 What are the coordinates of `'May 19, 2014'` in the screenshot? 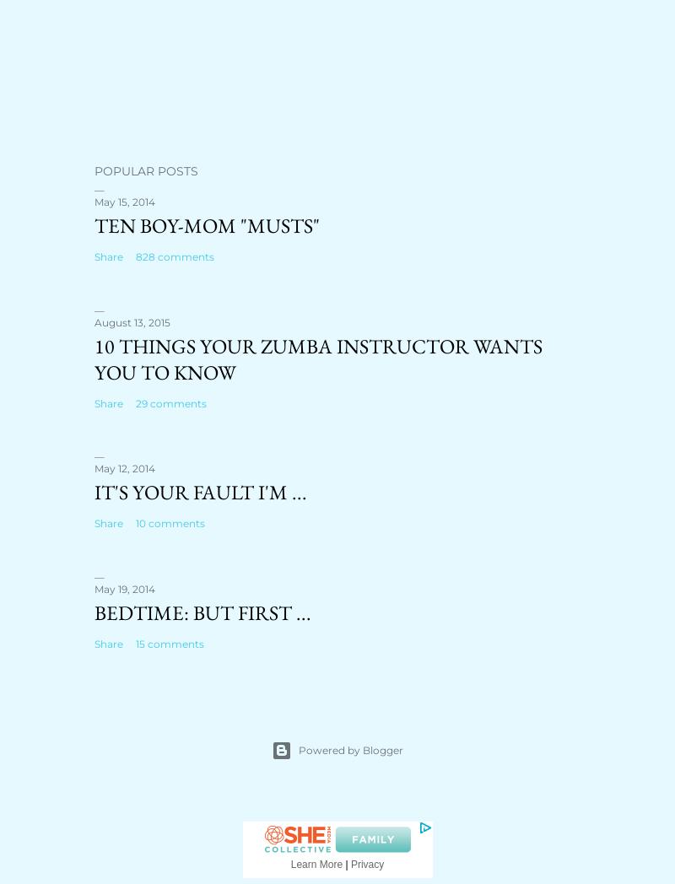 It's located at (94, 589).